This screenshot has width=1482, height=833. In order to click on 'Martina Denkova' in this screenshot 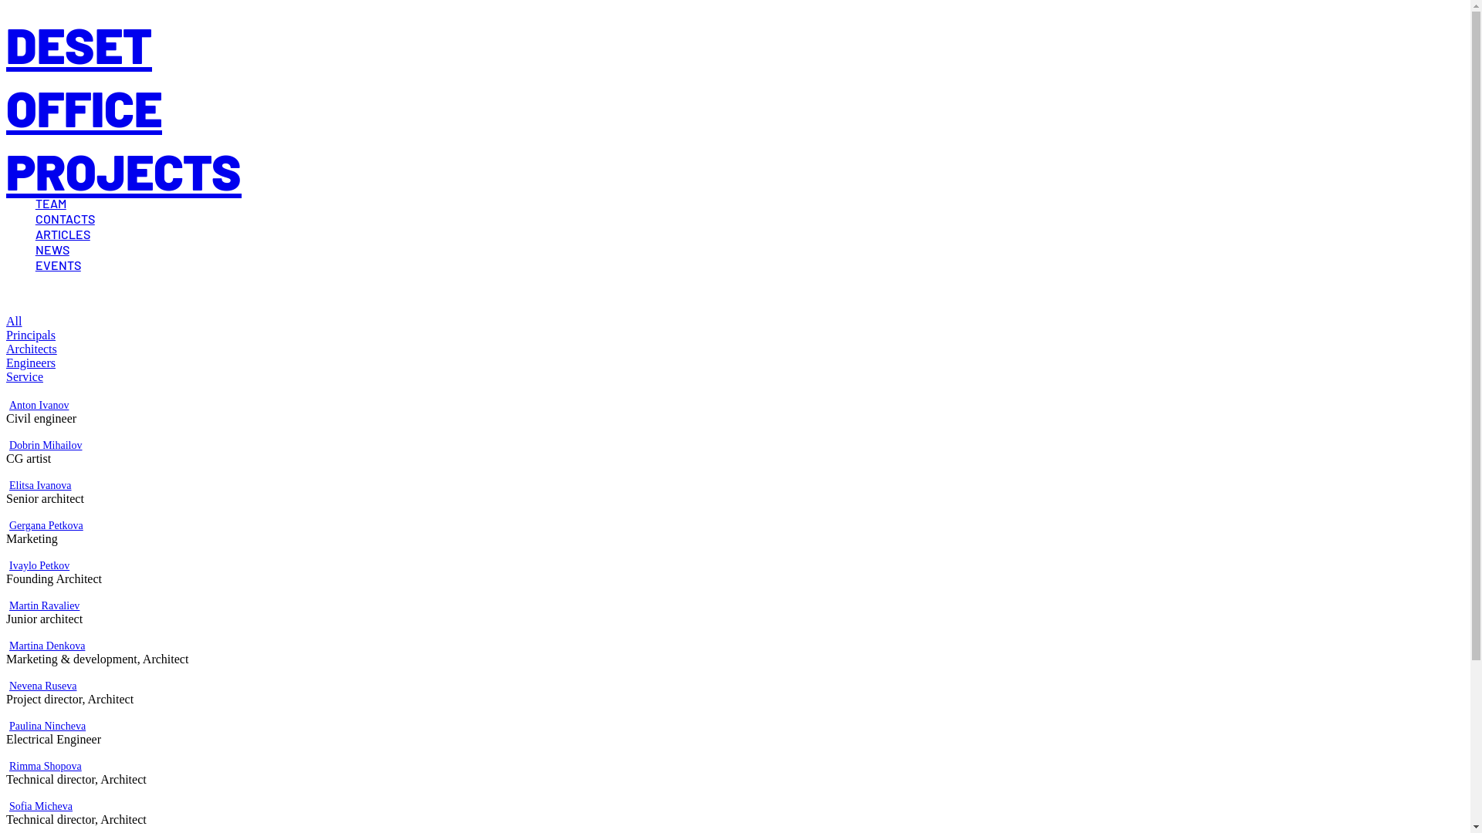, I will do `click(47, 646)`.